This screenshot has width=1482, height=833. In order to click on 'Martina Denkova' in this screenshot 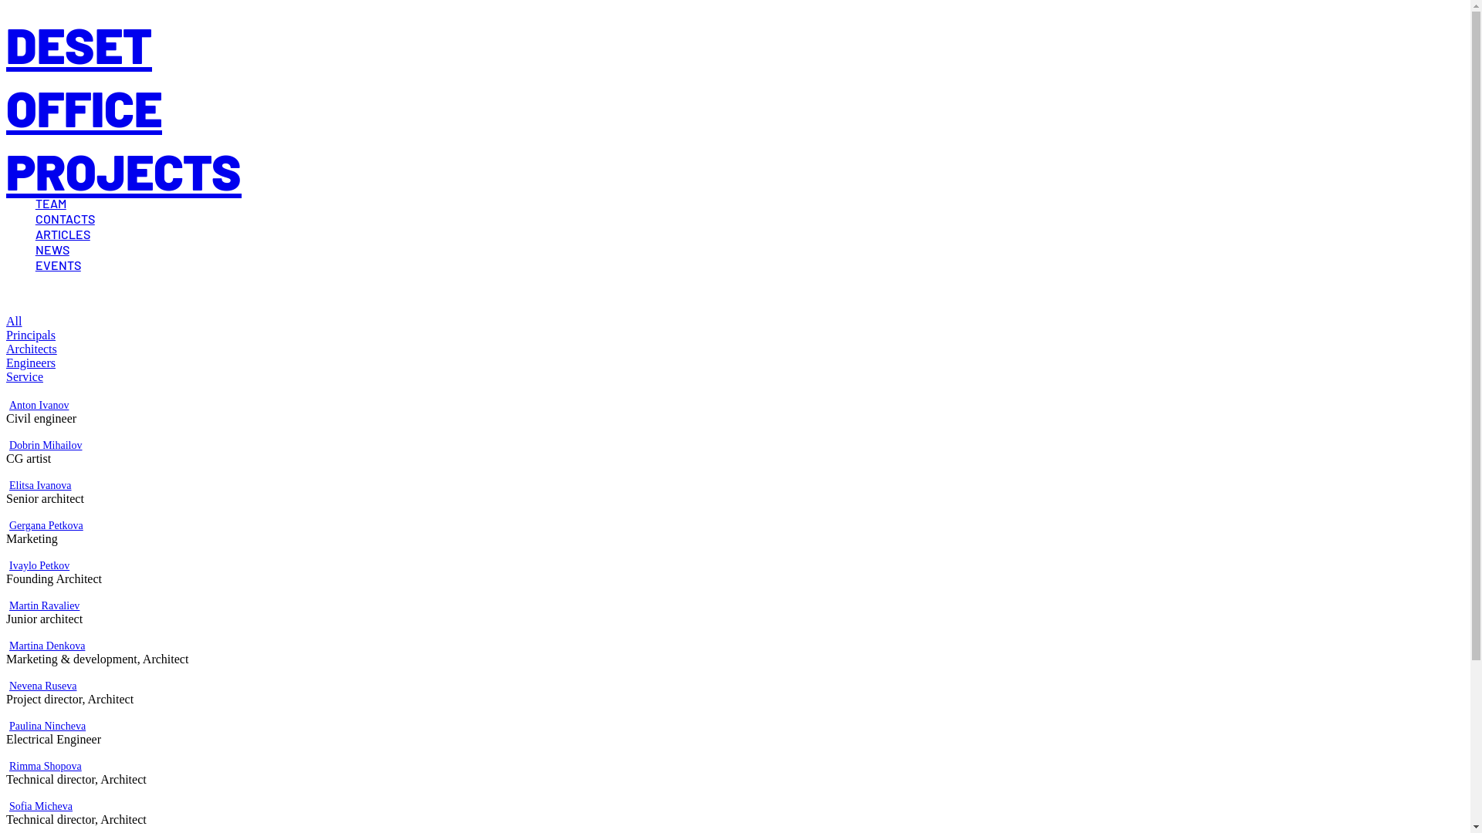, I will do `click(47, 646)`.